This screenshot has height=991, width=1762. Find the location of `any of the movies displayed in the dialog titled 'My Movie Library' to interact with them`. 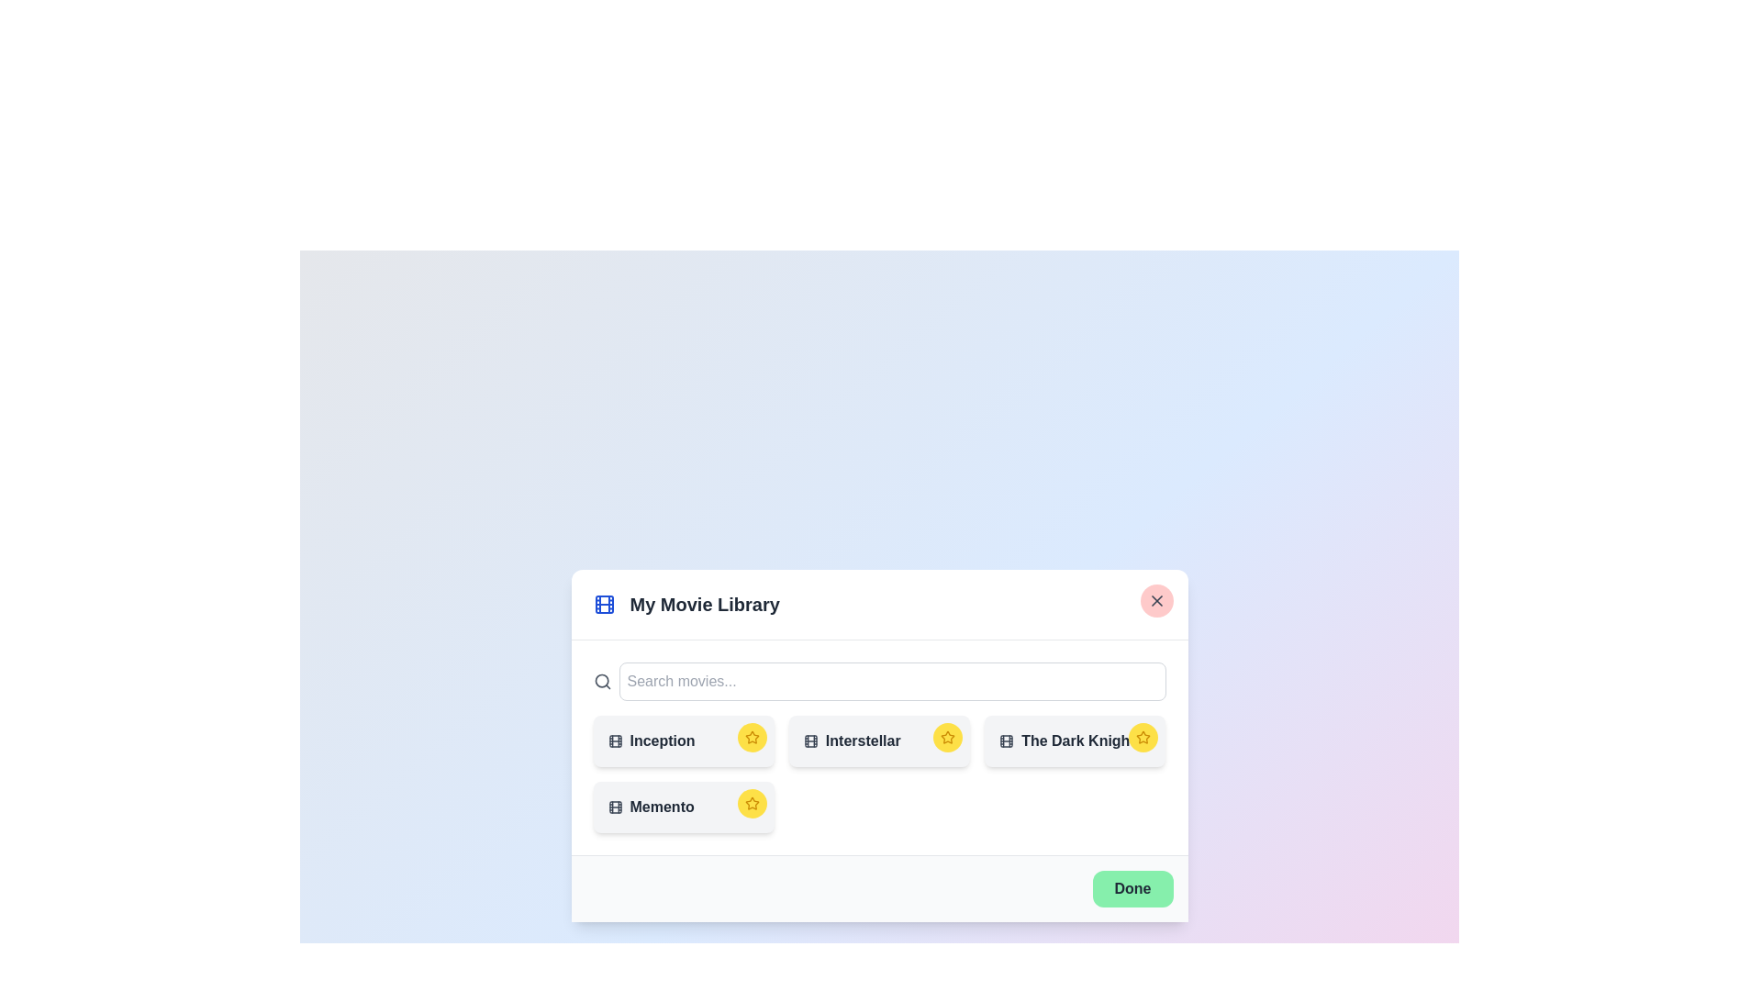

any of the movies displayed in the dialog titled 'My Movie Library' to interact with them is located at coordinates (878, 746).